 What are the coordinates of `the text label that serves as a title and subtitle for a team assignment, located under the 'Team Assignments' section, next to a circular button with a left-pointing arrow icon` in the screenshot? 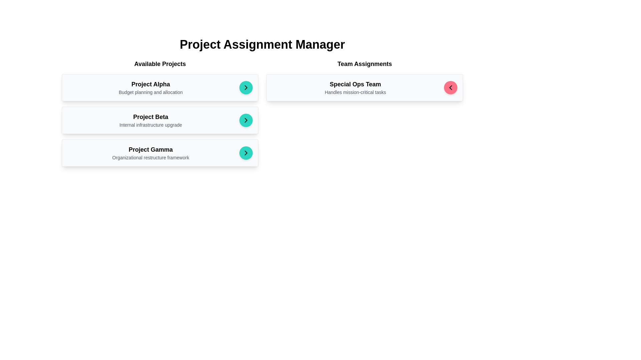 It's located at (355, 87).